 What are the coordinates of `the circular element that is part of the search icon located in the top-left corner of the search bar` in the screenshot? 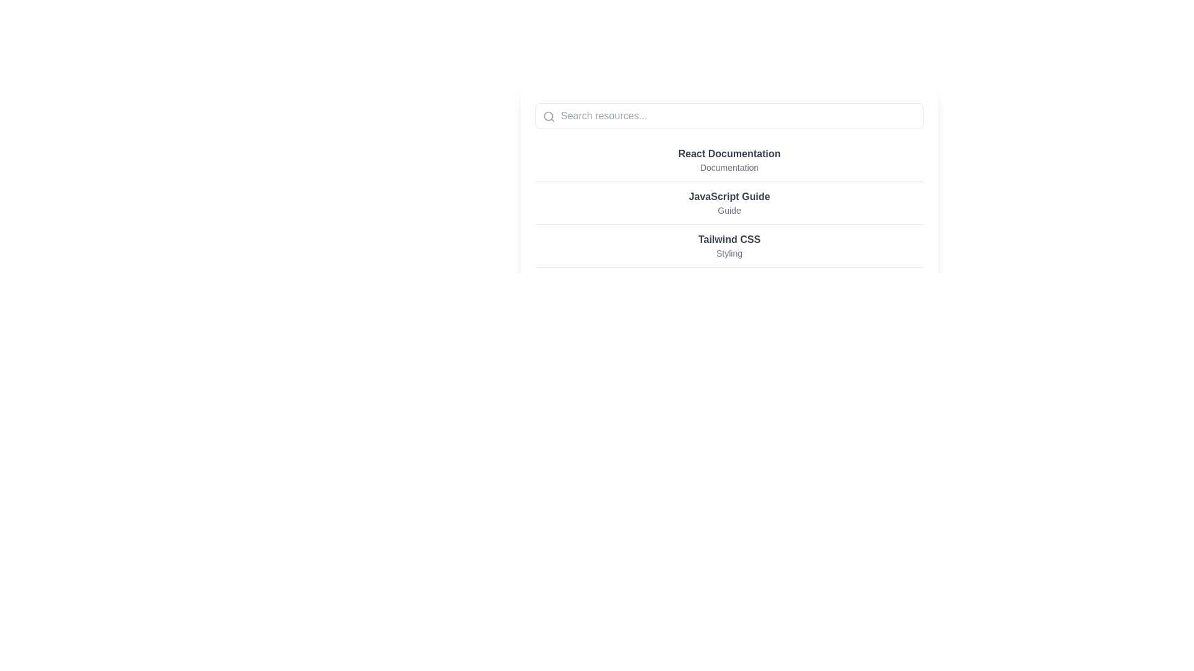 It's located at (548, 116).